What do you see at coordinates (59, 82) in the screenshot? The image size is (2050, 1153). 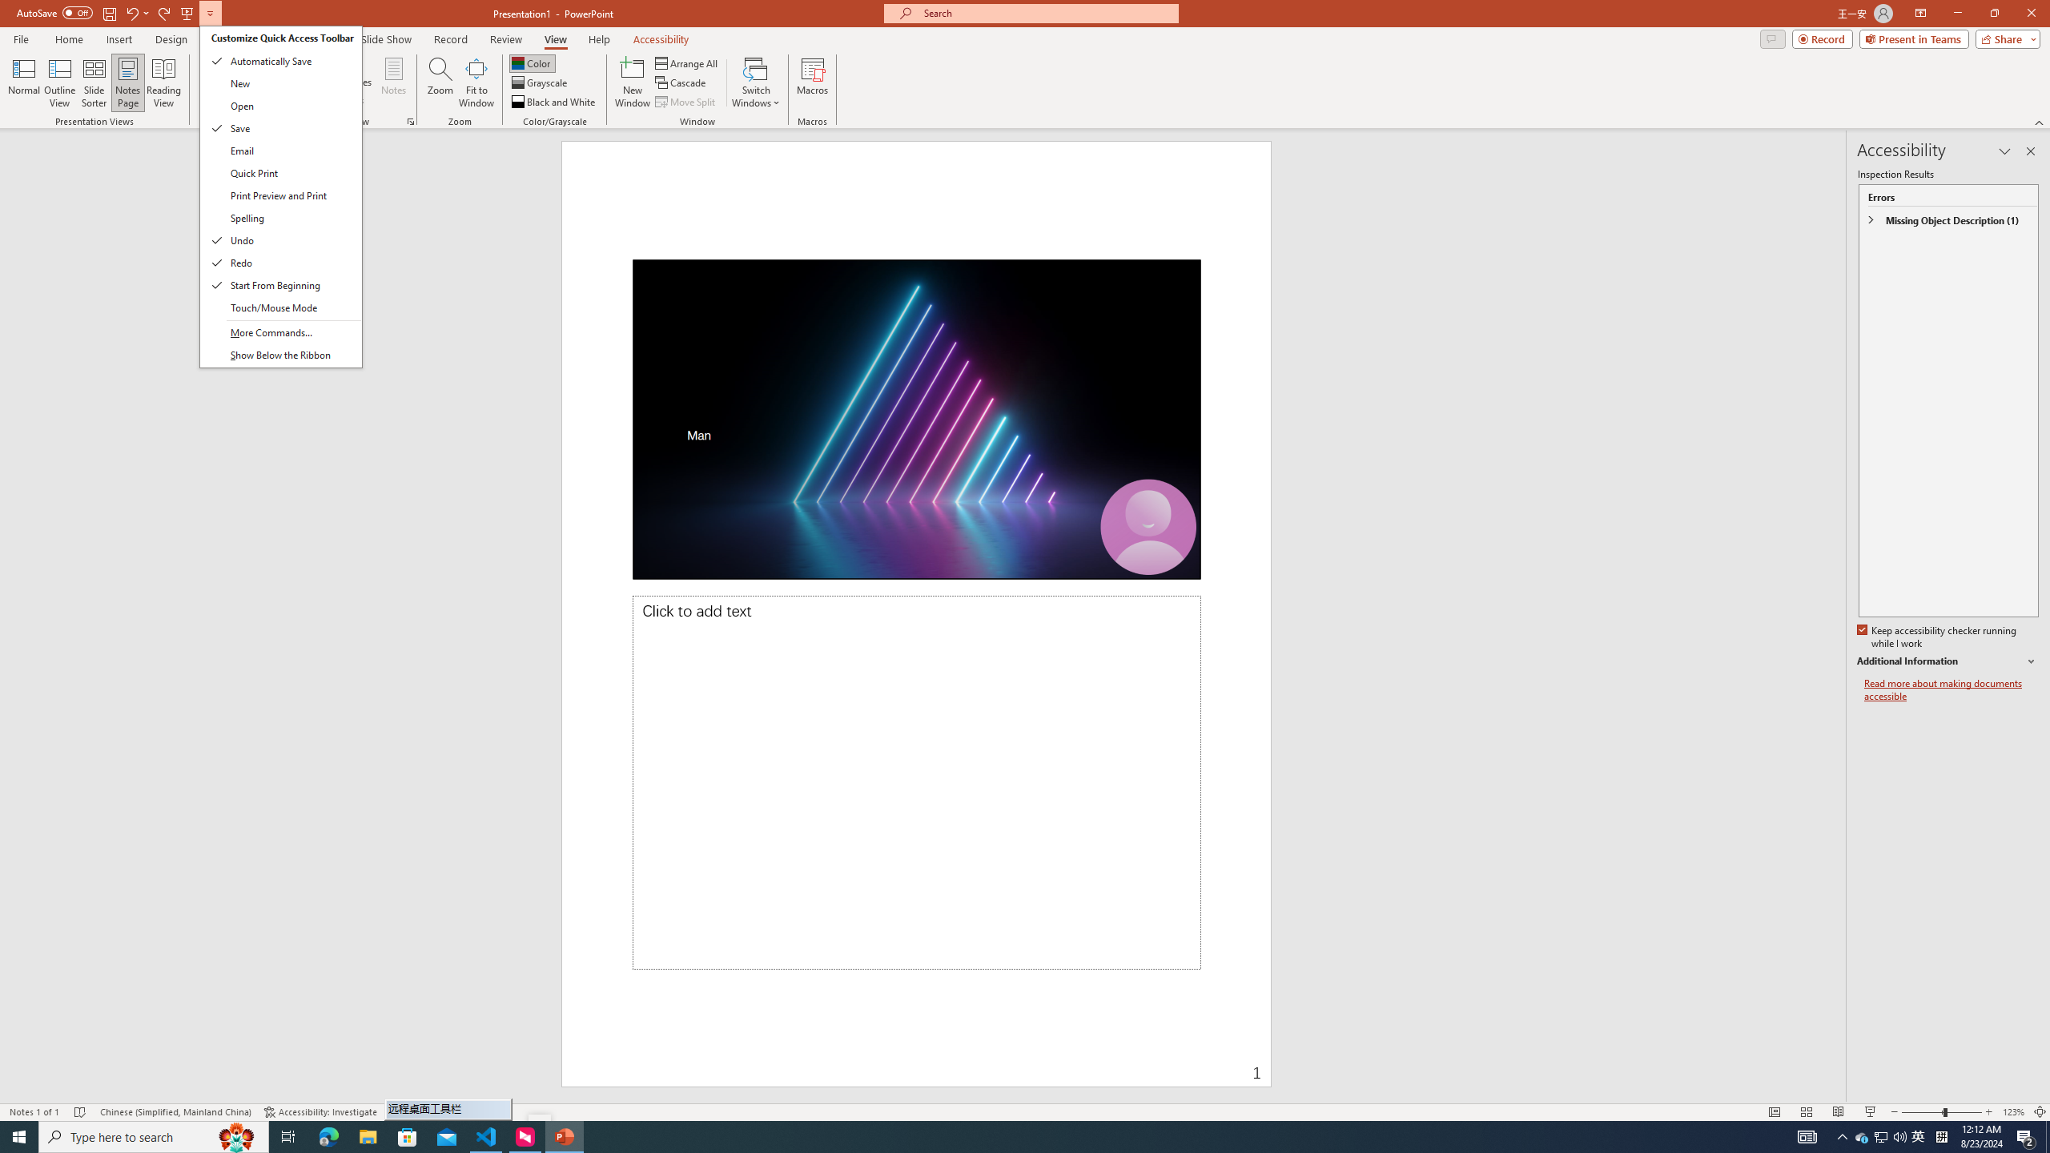 I see `'Outline View'` at bounding box center [59, 82].